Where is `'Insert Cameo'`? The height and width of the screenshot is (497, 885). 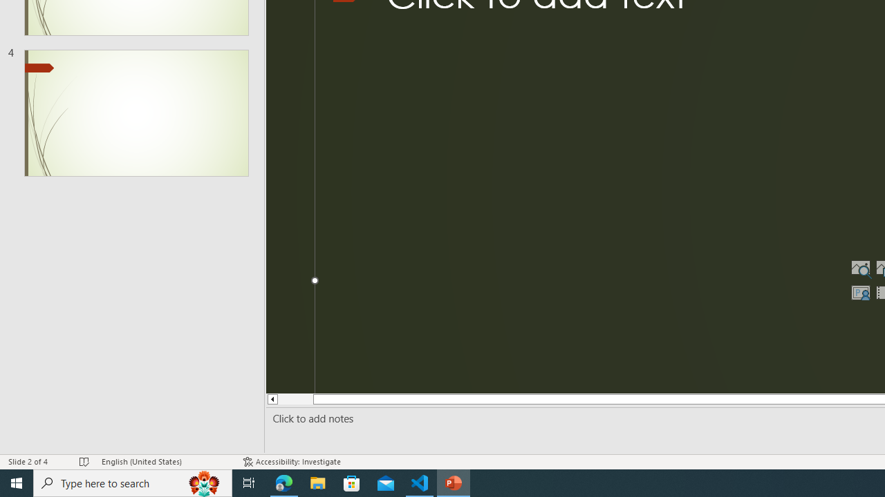
'Insert Cameo' is located at coordinates (859, 292).